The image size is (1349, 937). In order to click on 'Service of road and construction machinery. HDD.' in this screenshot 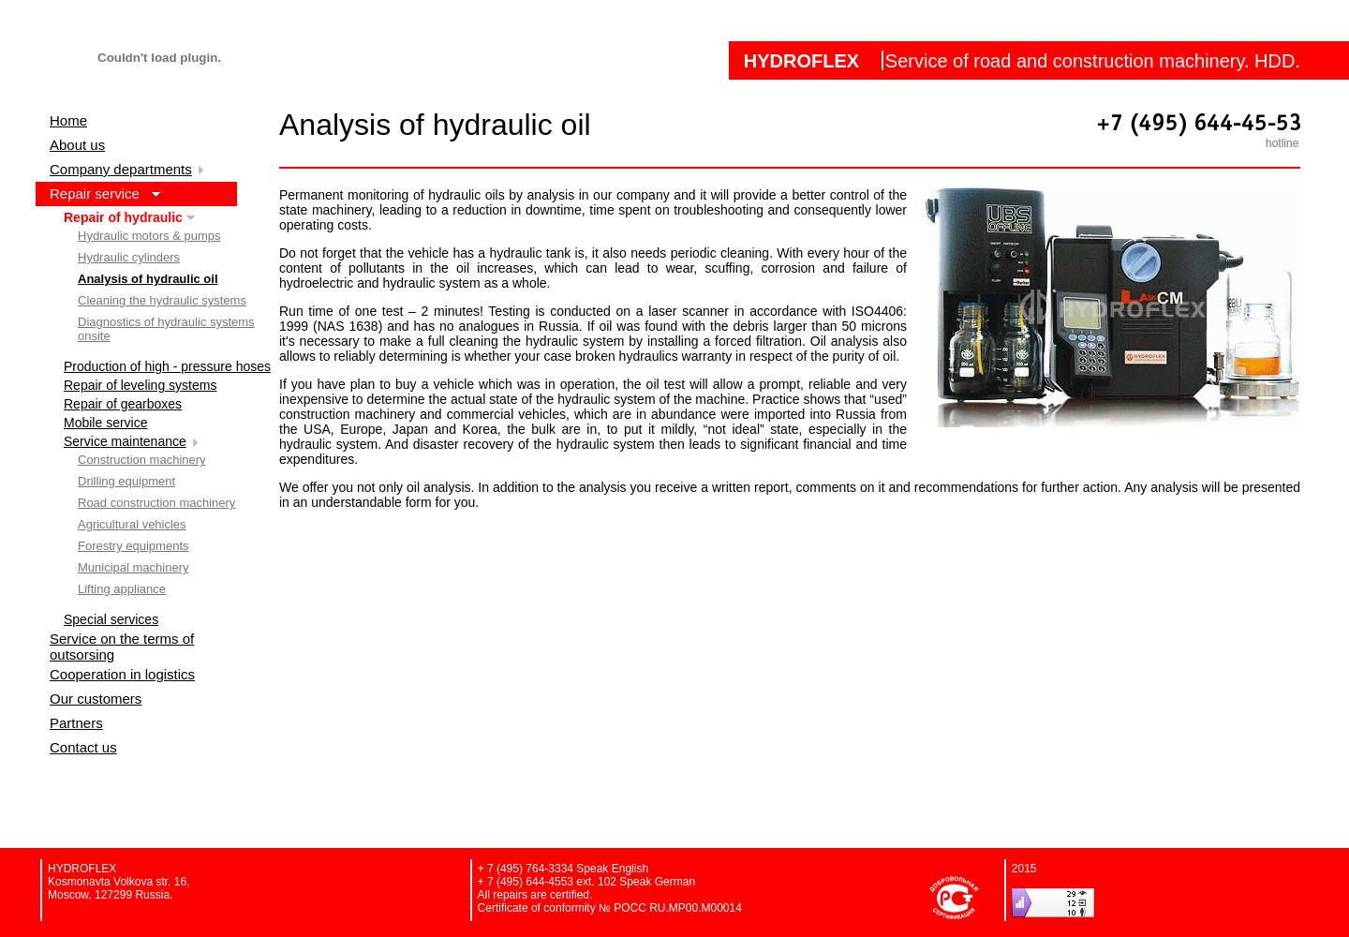, I will do `click(1079, 60)`.